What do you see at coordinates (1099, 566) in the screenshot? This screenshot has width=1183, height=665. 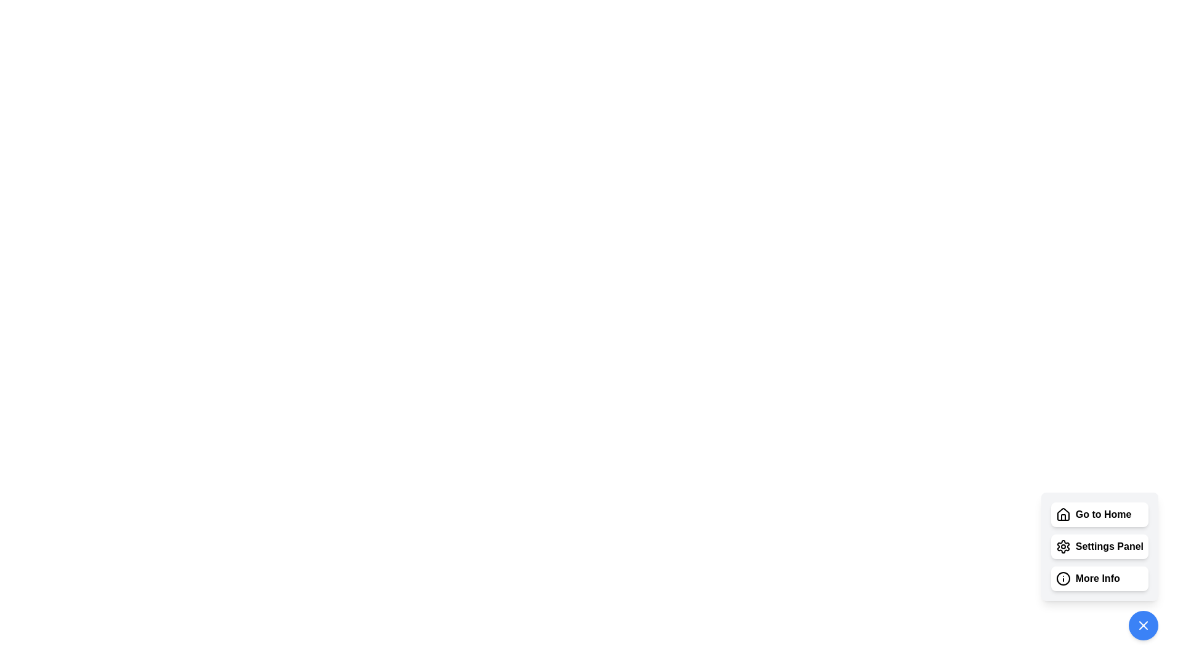 I see `the 'More Info' button located at the bottom right of the page` at bounding box center [1099, 566].